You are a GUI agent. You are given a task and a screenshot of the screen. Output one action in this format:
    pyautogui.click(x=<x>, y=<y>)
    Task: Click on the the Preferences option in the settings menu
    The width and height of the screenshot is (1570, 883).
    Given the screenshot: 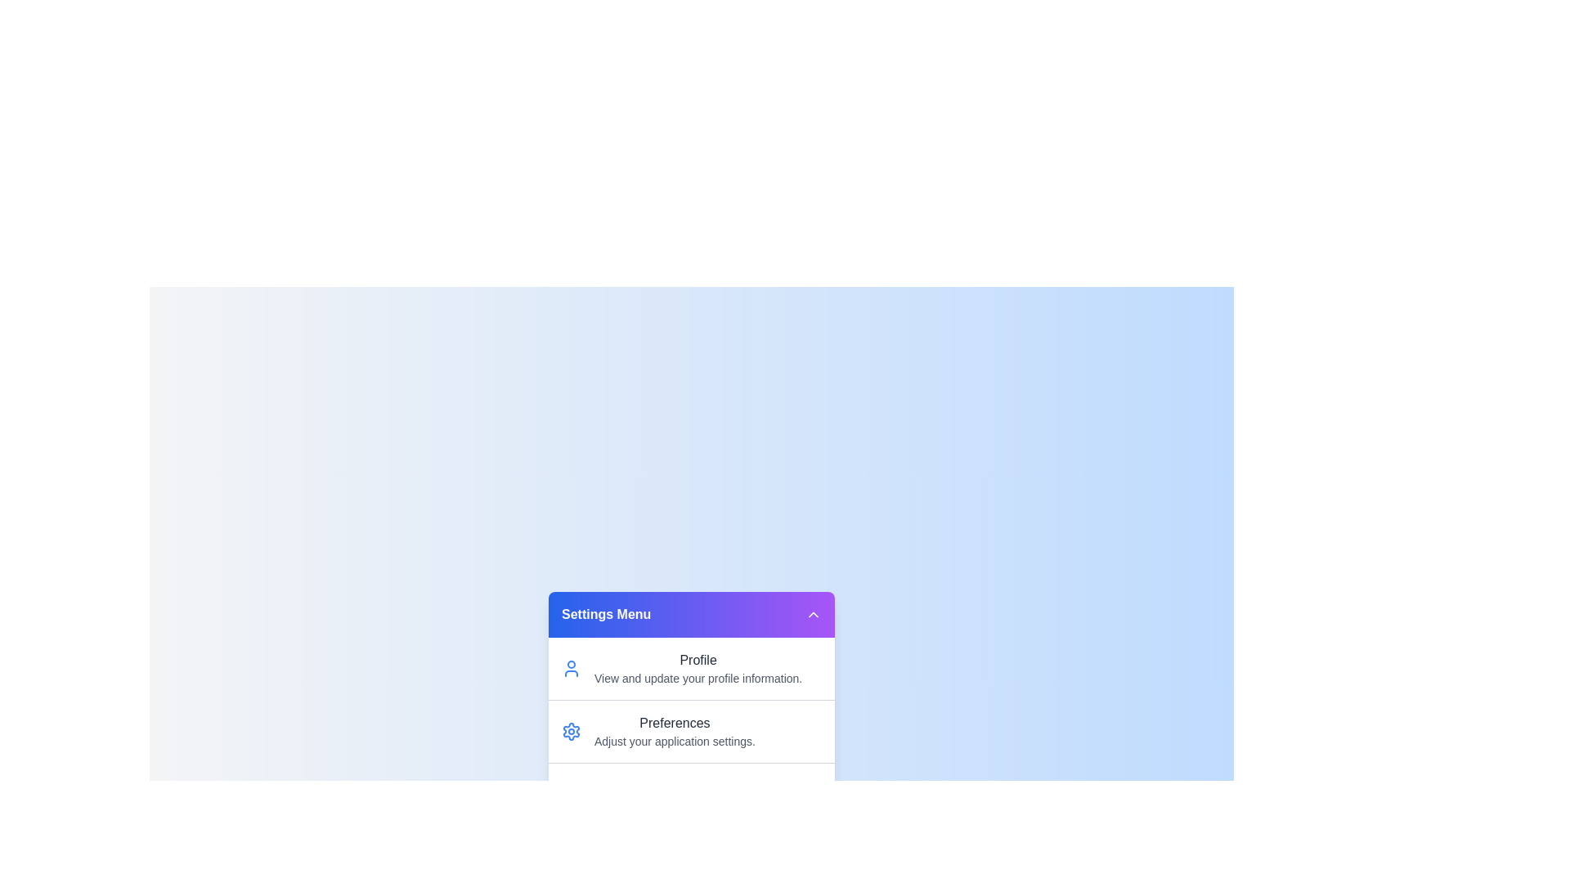 What is the action you would take?
    pyautogui.click(x=691, y=730)
    